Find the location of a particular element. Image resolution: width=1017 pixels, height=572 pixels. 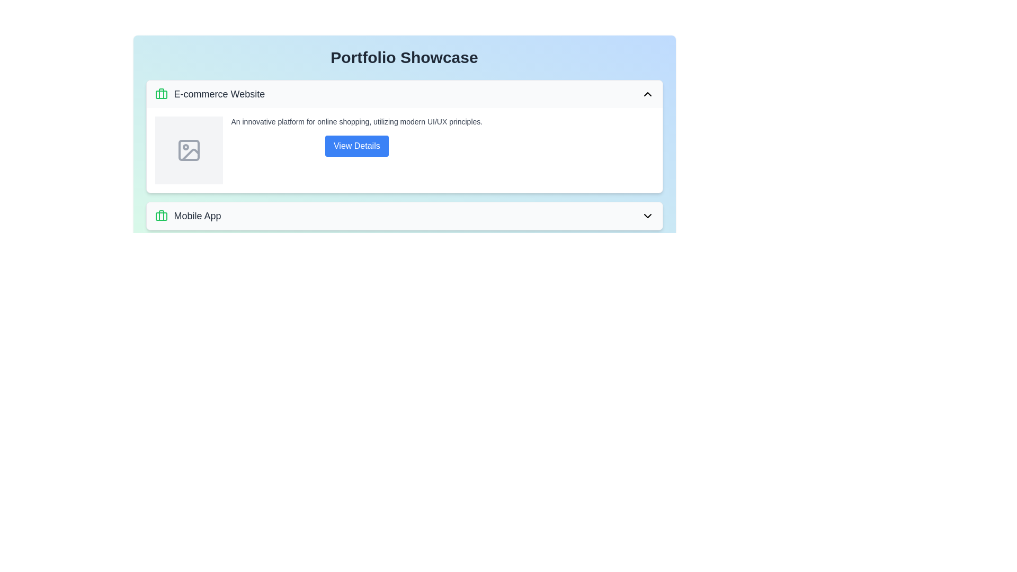

the 'Mobile App' menu item which consists of a green briefcase icon on the left and the text styled in dark gray on the right is located at coordinates (188, 216).